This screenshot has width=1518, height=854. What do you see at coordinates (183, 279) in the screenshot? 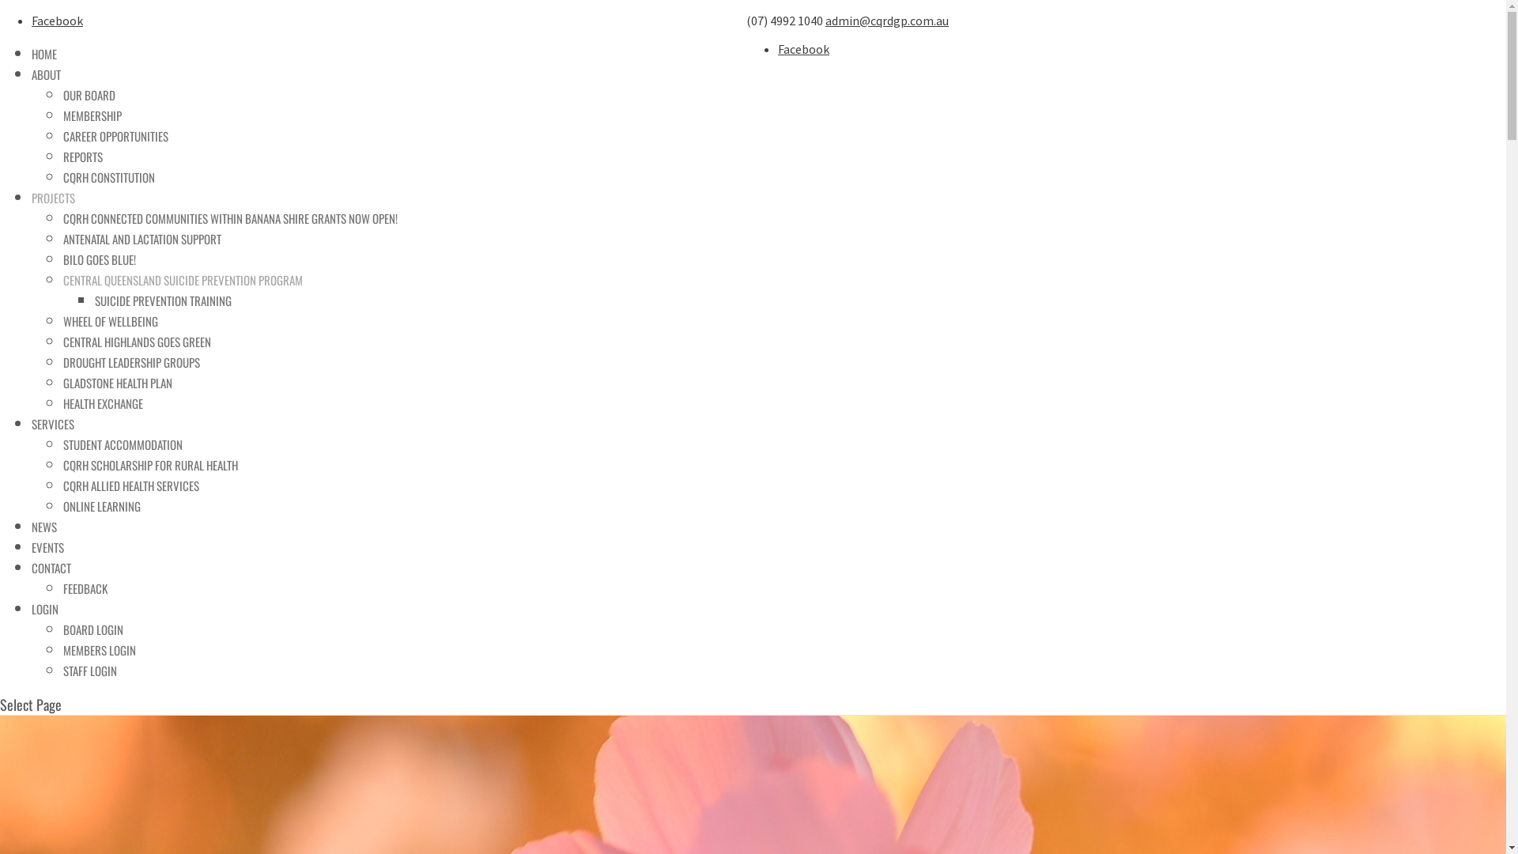
I see `'CENTRAL QUEENSLAND SUICIDE PREVENTION PROGRAM'` at bounding box center [183, 279].